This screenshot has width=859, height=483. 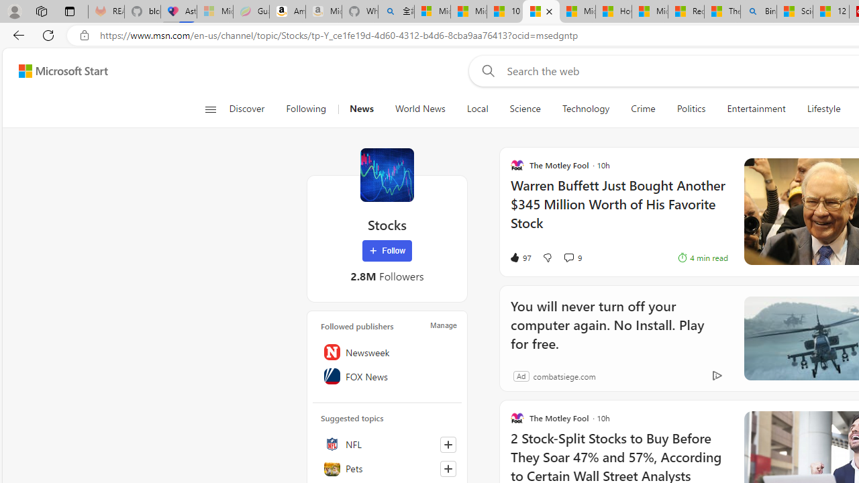 What do you see at coordinates (691, 109) in the screenshot?
I see `'Politics'` at bounding box center [691, 109].